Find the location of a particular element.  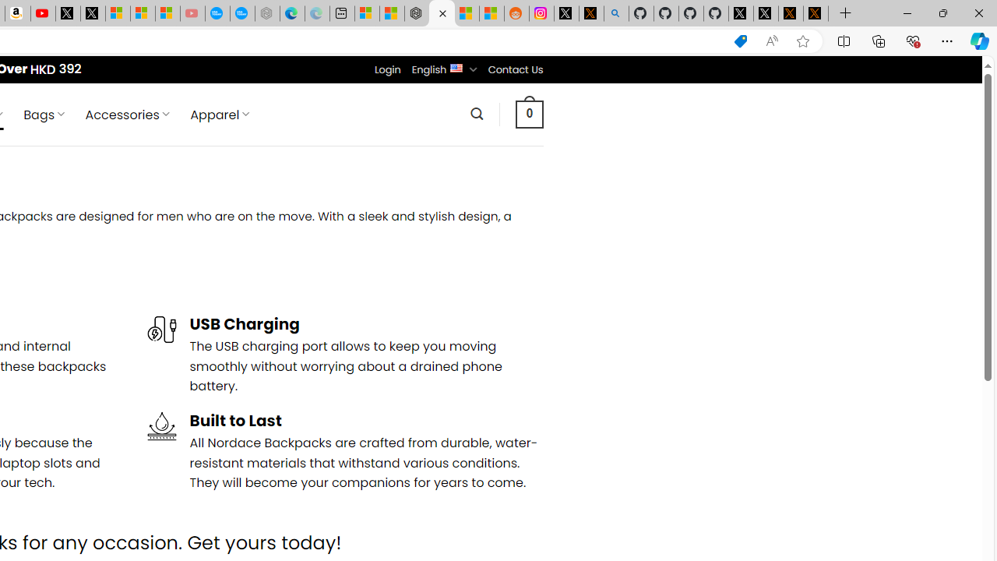

'X Privacy Policy' is located at coordinates (815, 13).